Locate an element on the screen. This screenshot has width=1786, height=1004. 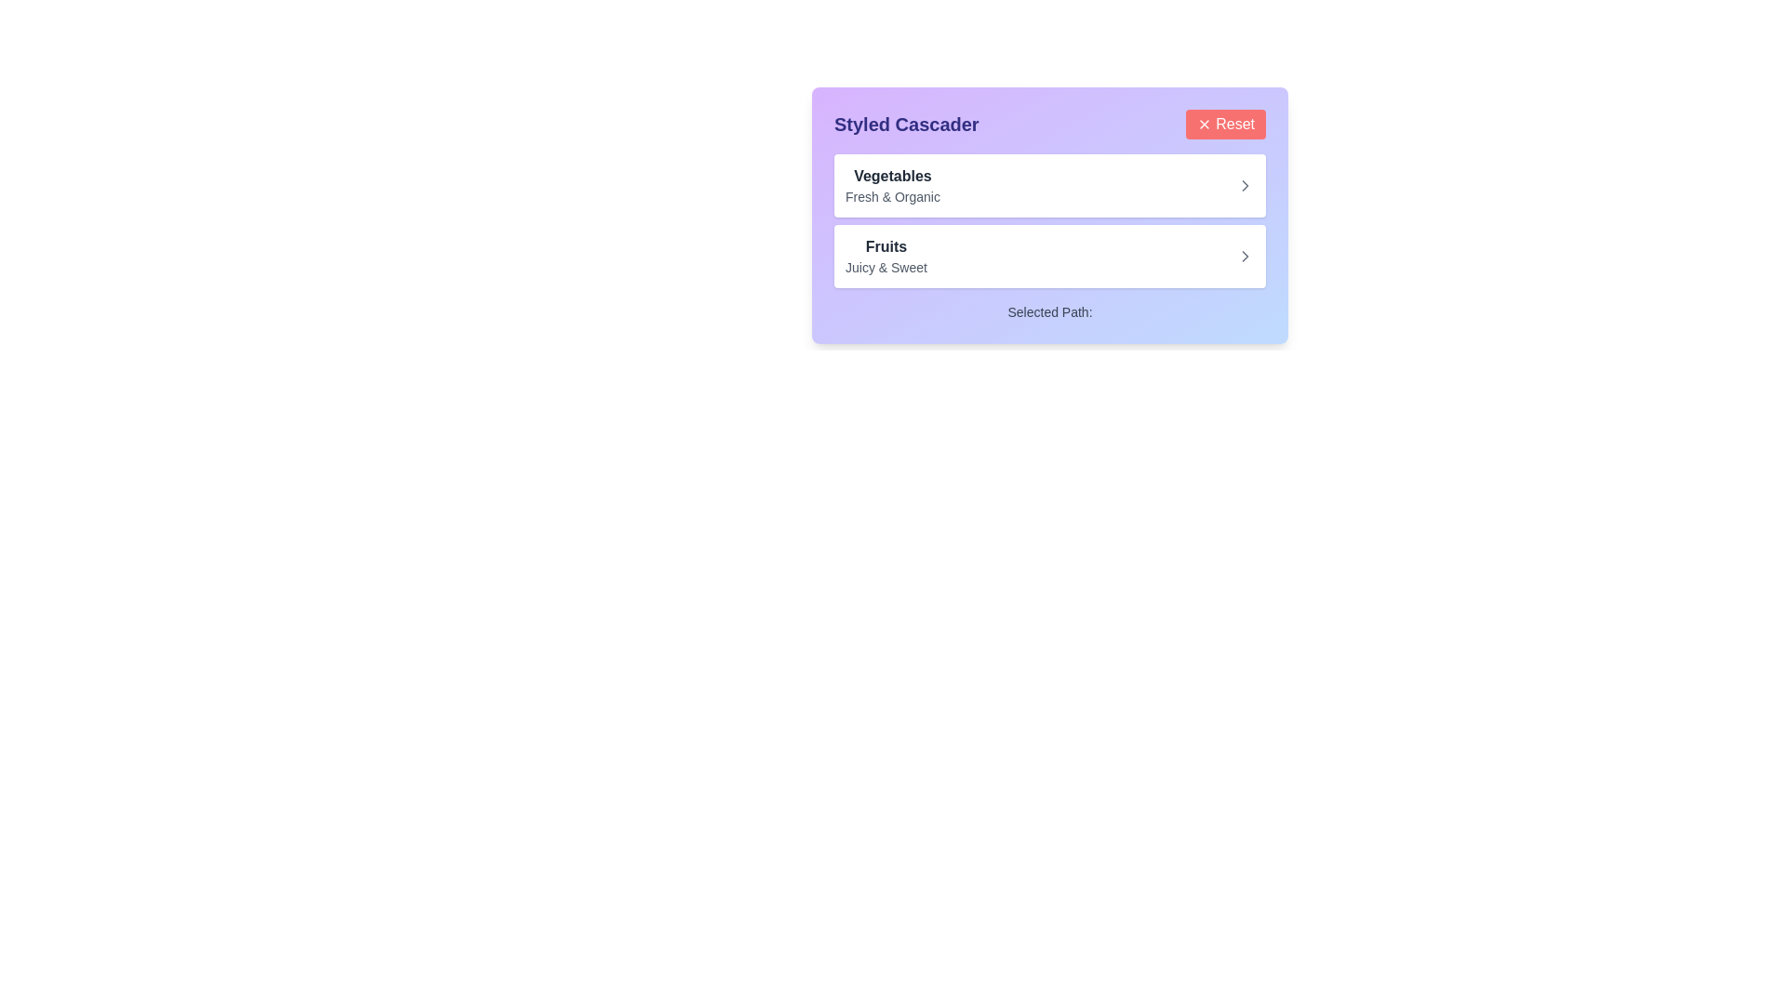
the right-facing chevron icon, which is part of the navigation for 'Vegetables Fresh & Organic' is located at coordinates (1246, 186).